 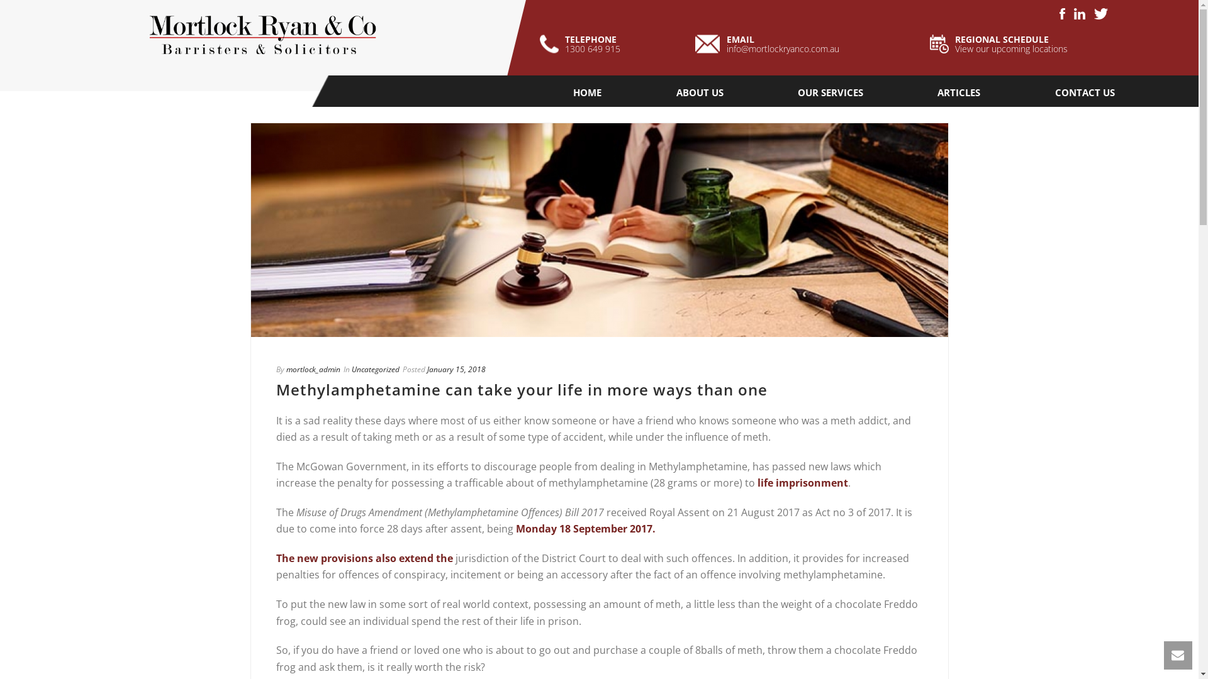 I want to click on 'ARTICLES', so click(x=958, y=91).